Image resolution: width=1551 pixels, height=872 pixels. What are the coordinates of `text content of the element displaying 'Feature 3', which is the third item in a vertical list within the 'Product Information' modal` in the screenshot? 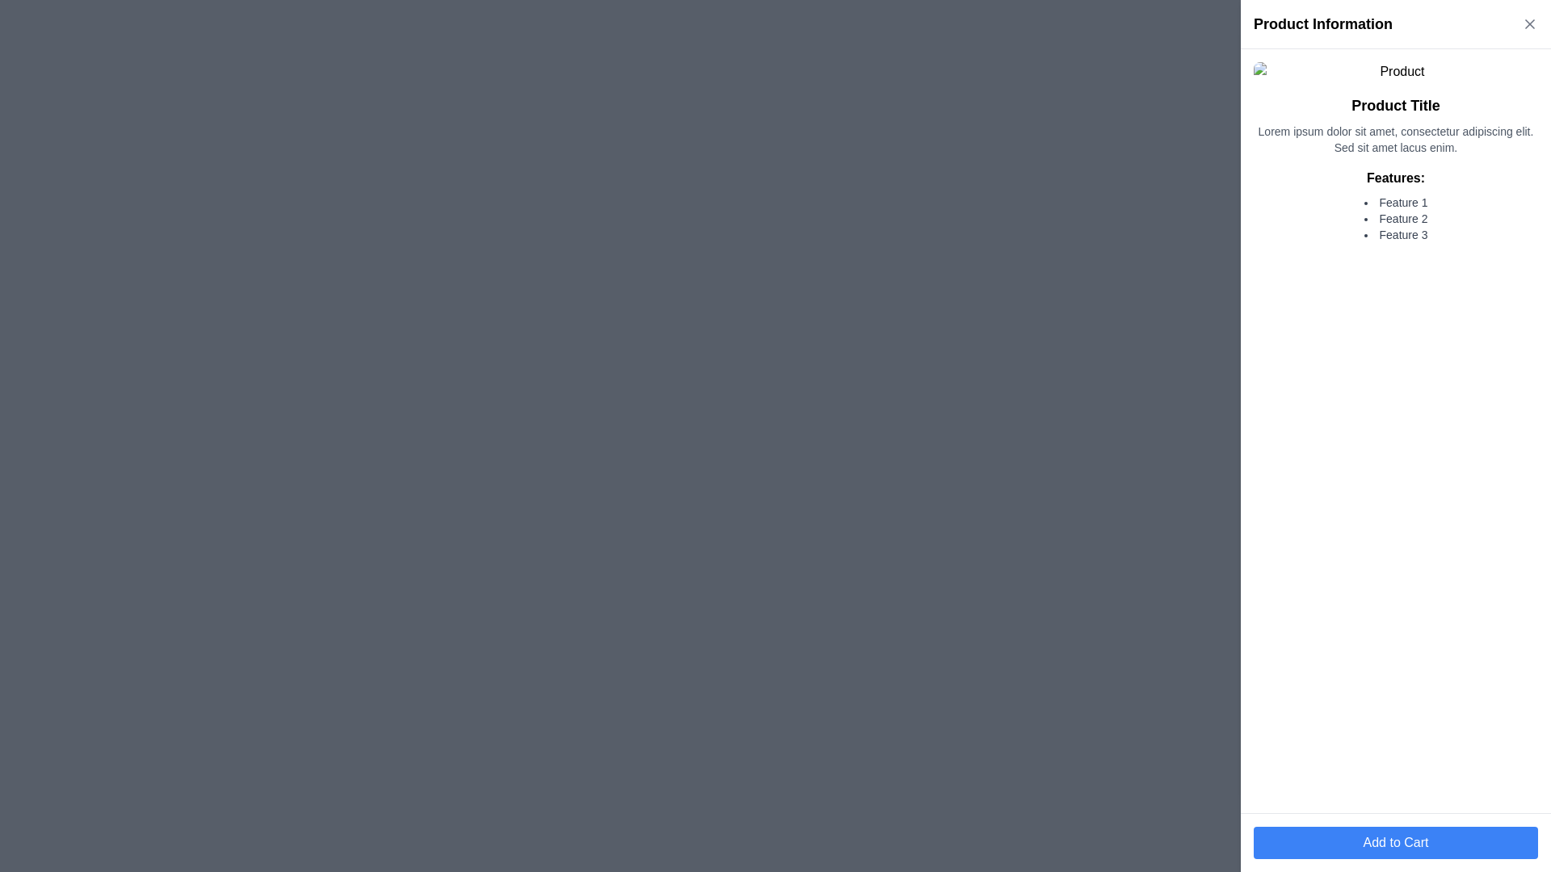 It's located at (1395, 234).